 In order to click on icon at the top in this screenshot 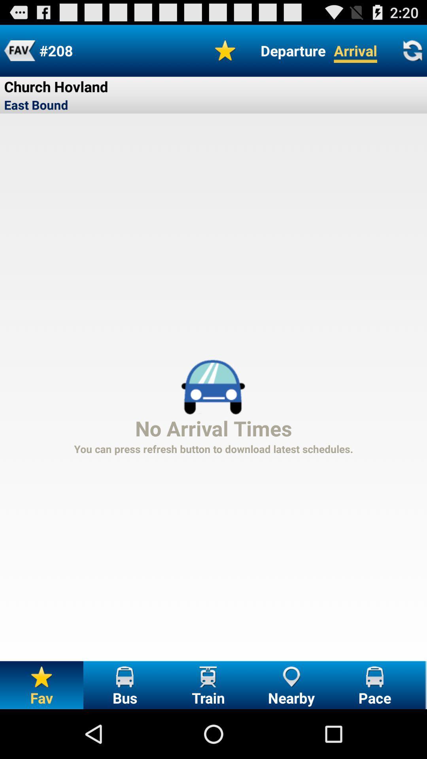, I will do `click(225, 50)`.